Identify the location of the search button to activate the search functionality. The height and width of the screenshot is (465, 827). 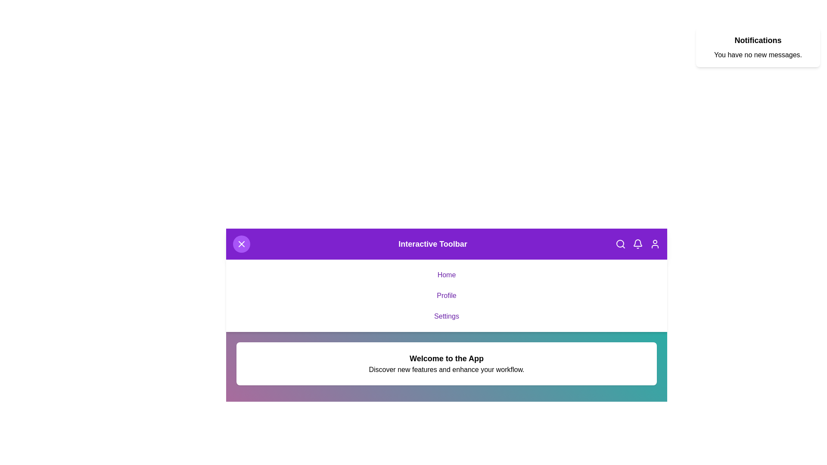
(620, 244).